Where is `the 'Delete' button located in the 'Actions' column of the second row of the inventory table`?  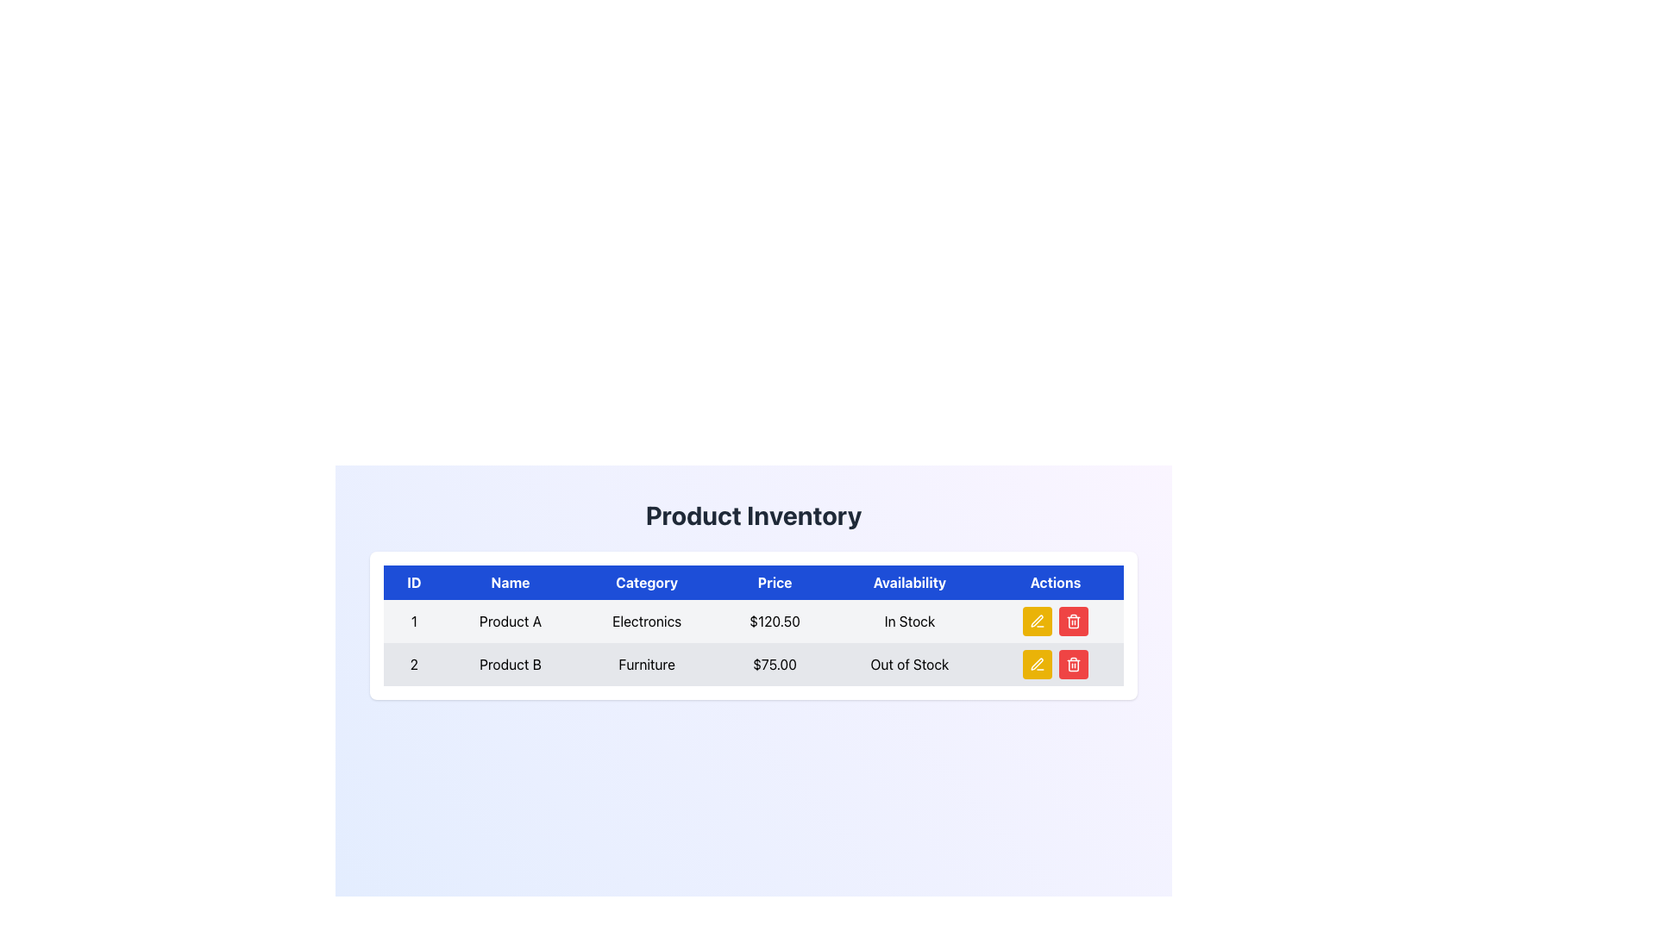
the 'Delete' button located in the 'Actions' column of the second row of the inventory table is located at coordinates (1072, 664).